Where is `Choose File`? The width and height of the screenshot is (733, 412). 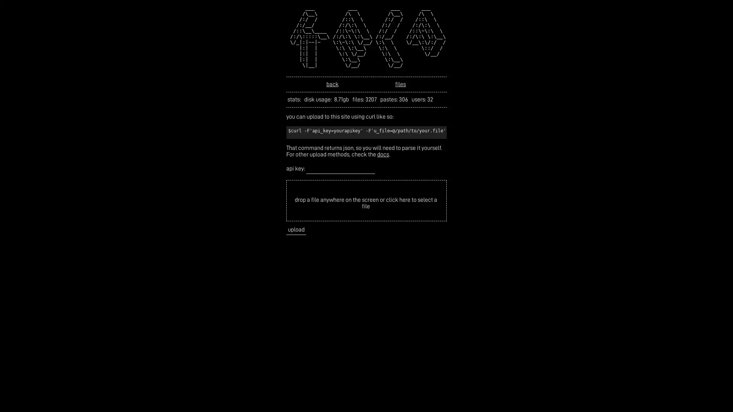
Choose File is located at coordinates (309, 187).